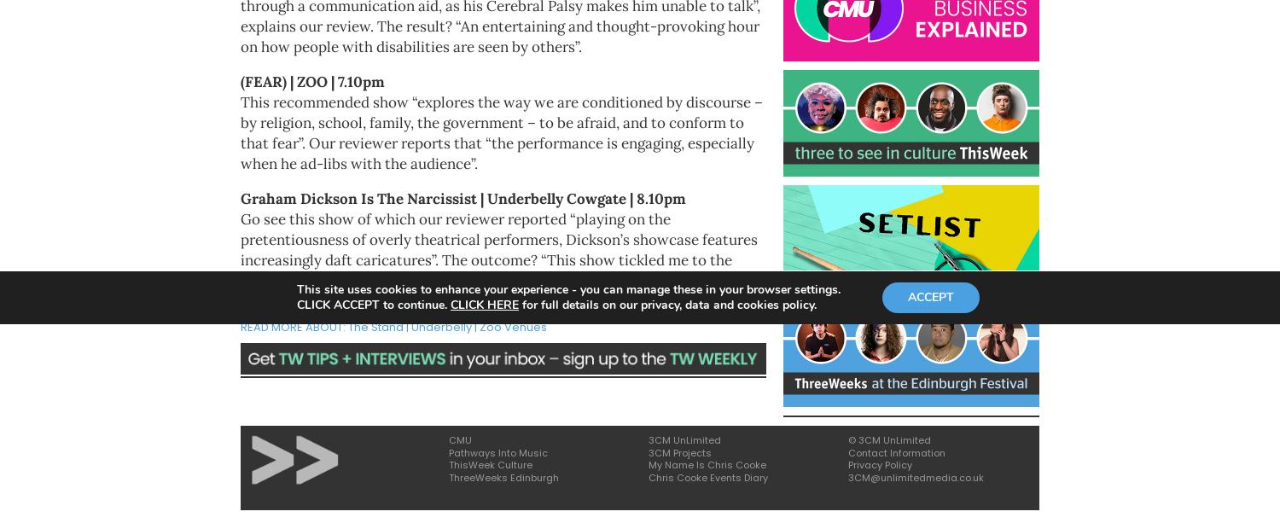  Describe the element at coordinates (410, 326) in the screenshot. I see `'Underbelly'` at that location.